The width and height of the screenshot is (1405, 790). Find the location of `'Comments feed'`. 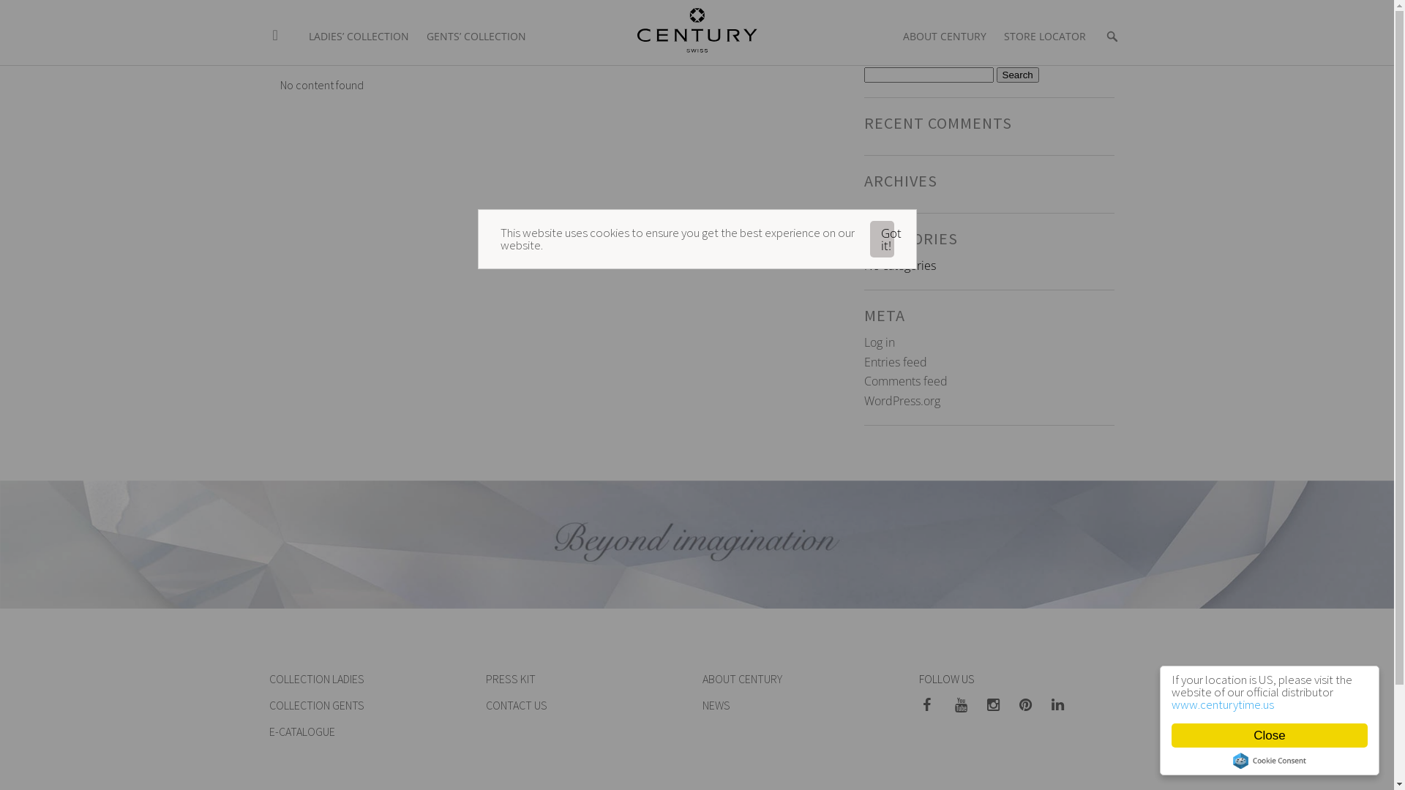

'Comments feed' is located at coordinates (904, 380).